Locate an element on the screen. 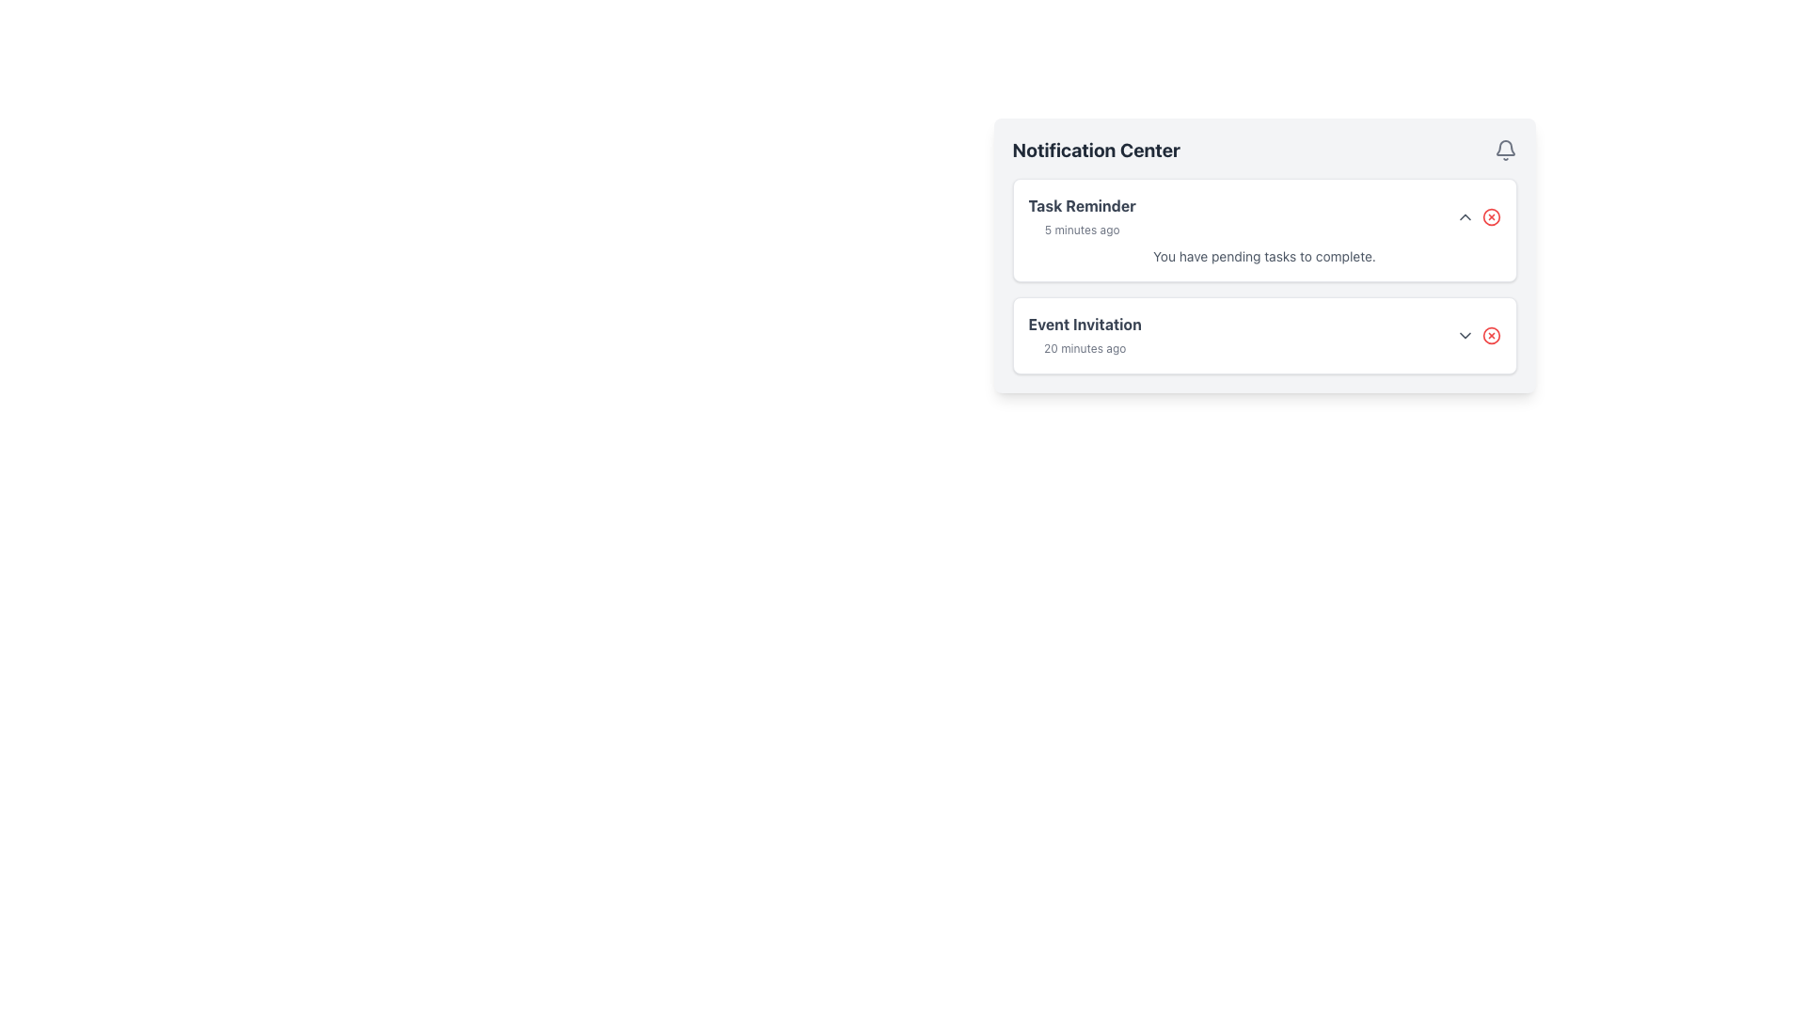 This screenshot has height=1016, width=1806. the bell icon located at the top-right corner of the 'Notification Center' is located at coordinates (1505, 149).